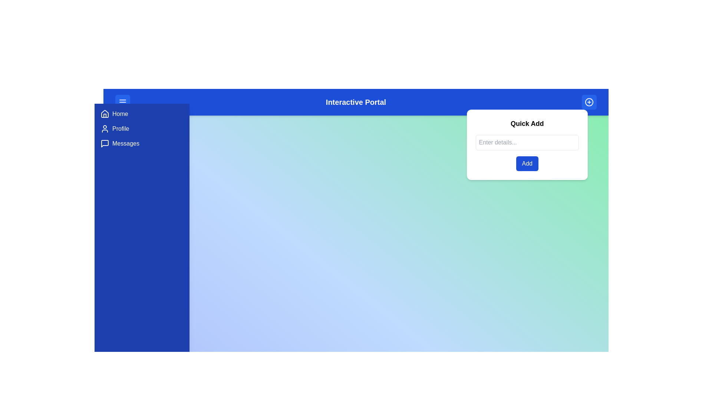 Image resolution: width=712 pixels, height=400 pixels. Describe the element at coordinates (589, 102) in the screenshot. I see `the 'Quick Add' button to toggle the visibility of the quick add dialog` at that location.